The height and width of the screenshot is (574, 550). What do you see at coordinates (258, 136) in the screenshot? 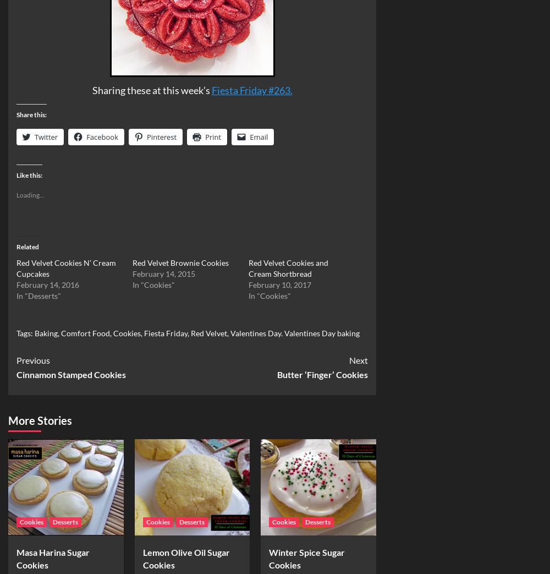
I see `'Email'` at bounding box center [258, 136].